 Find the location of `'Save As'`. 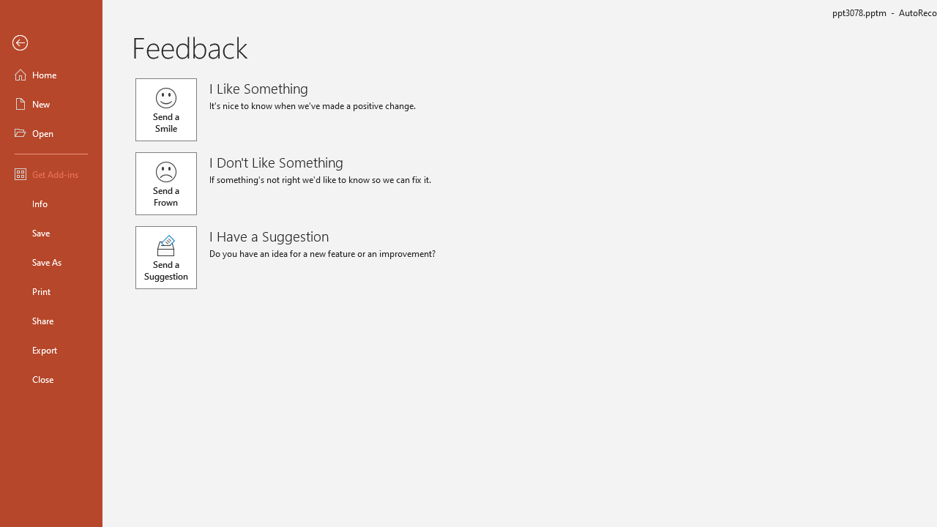

'Save As' is located at coordinates (51, 261).